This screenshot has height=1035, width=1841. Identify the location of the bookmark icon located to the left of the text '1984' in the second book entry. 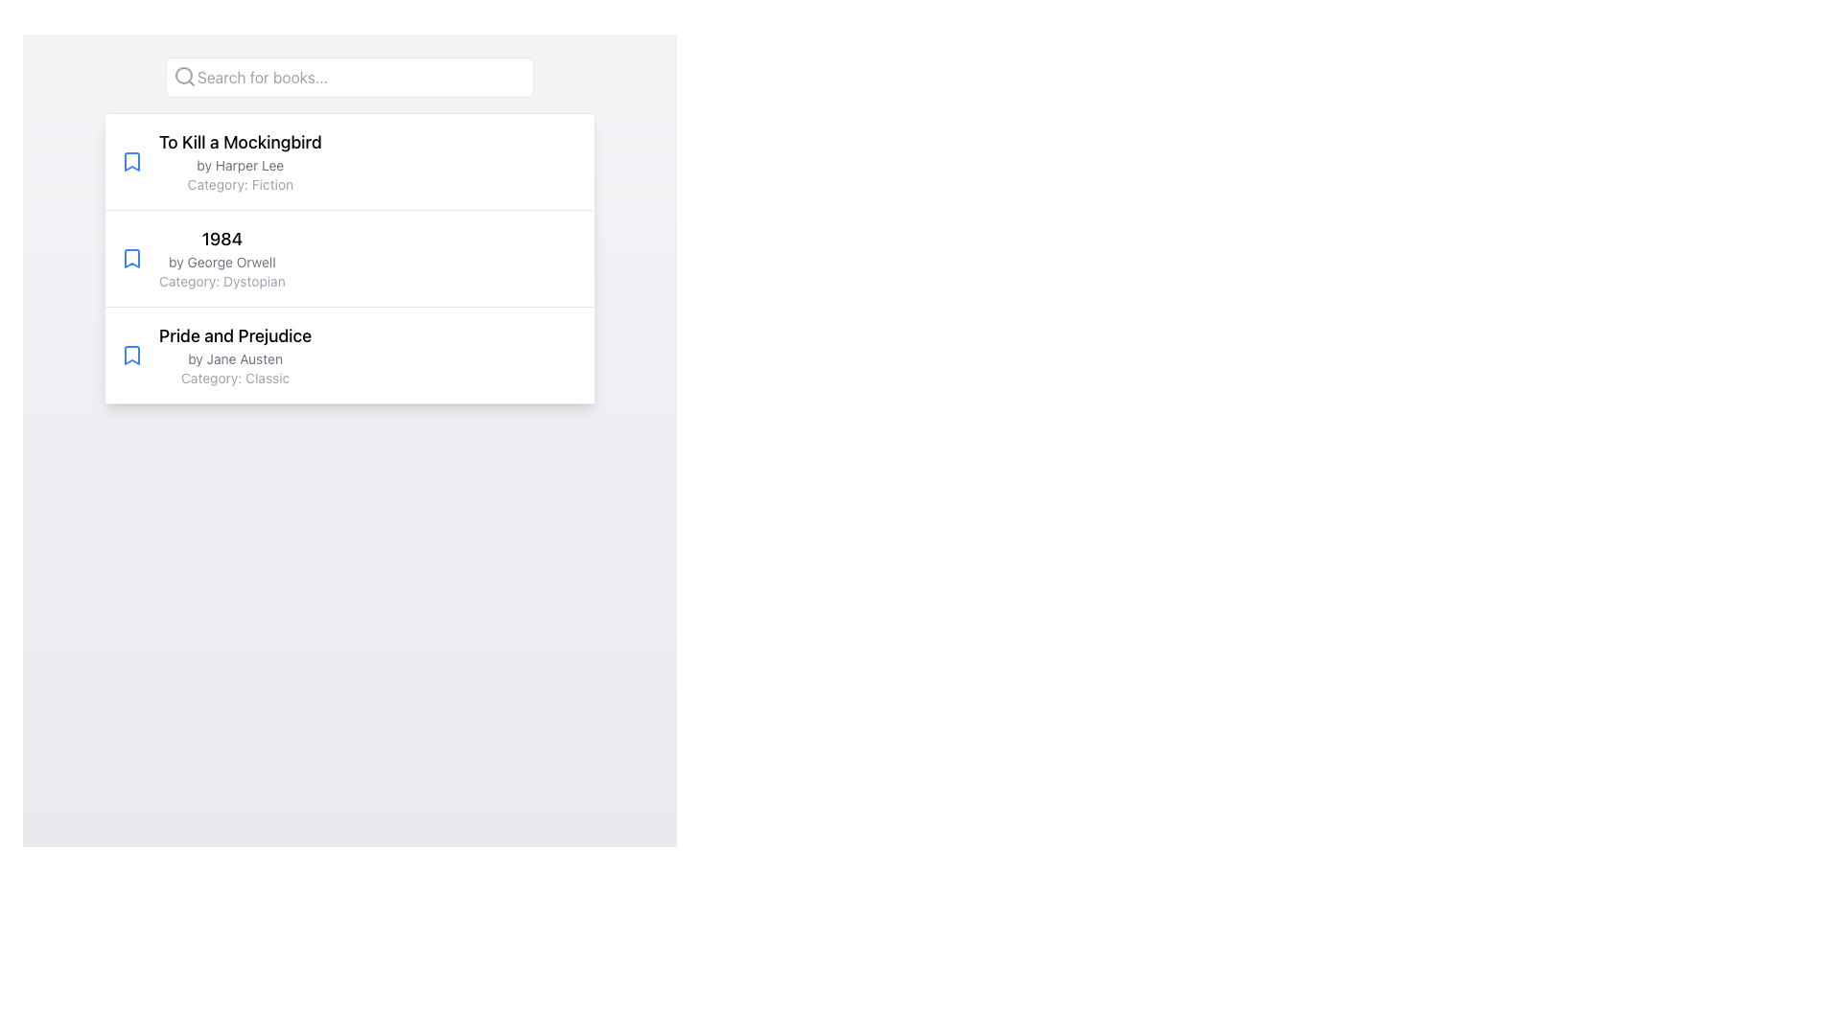
(131, 259).